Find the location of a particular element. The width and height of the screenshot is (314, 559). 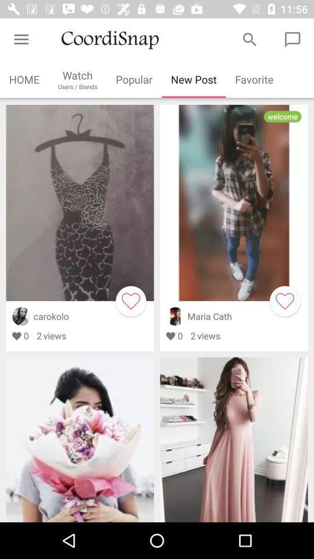

adding favorites is located at coordinates (130, 300).